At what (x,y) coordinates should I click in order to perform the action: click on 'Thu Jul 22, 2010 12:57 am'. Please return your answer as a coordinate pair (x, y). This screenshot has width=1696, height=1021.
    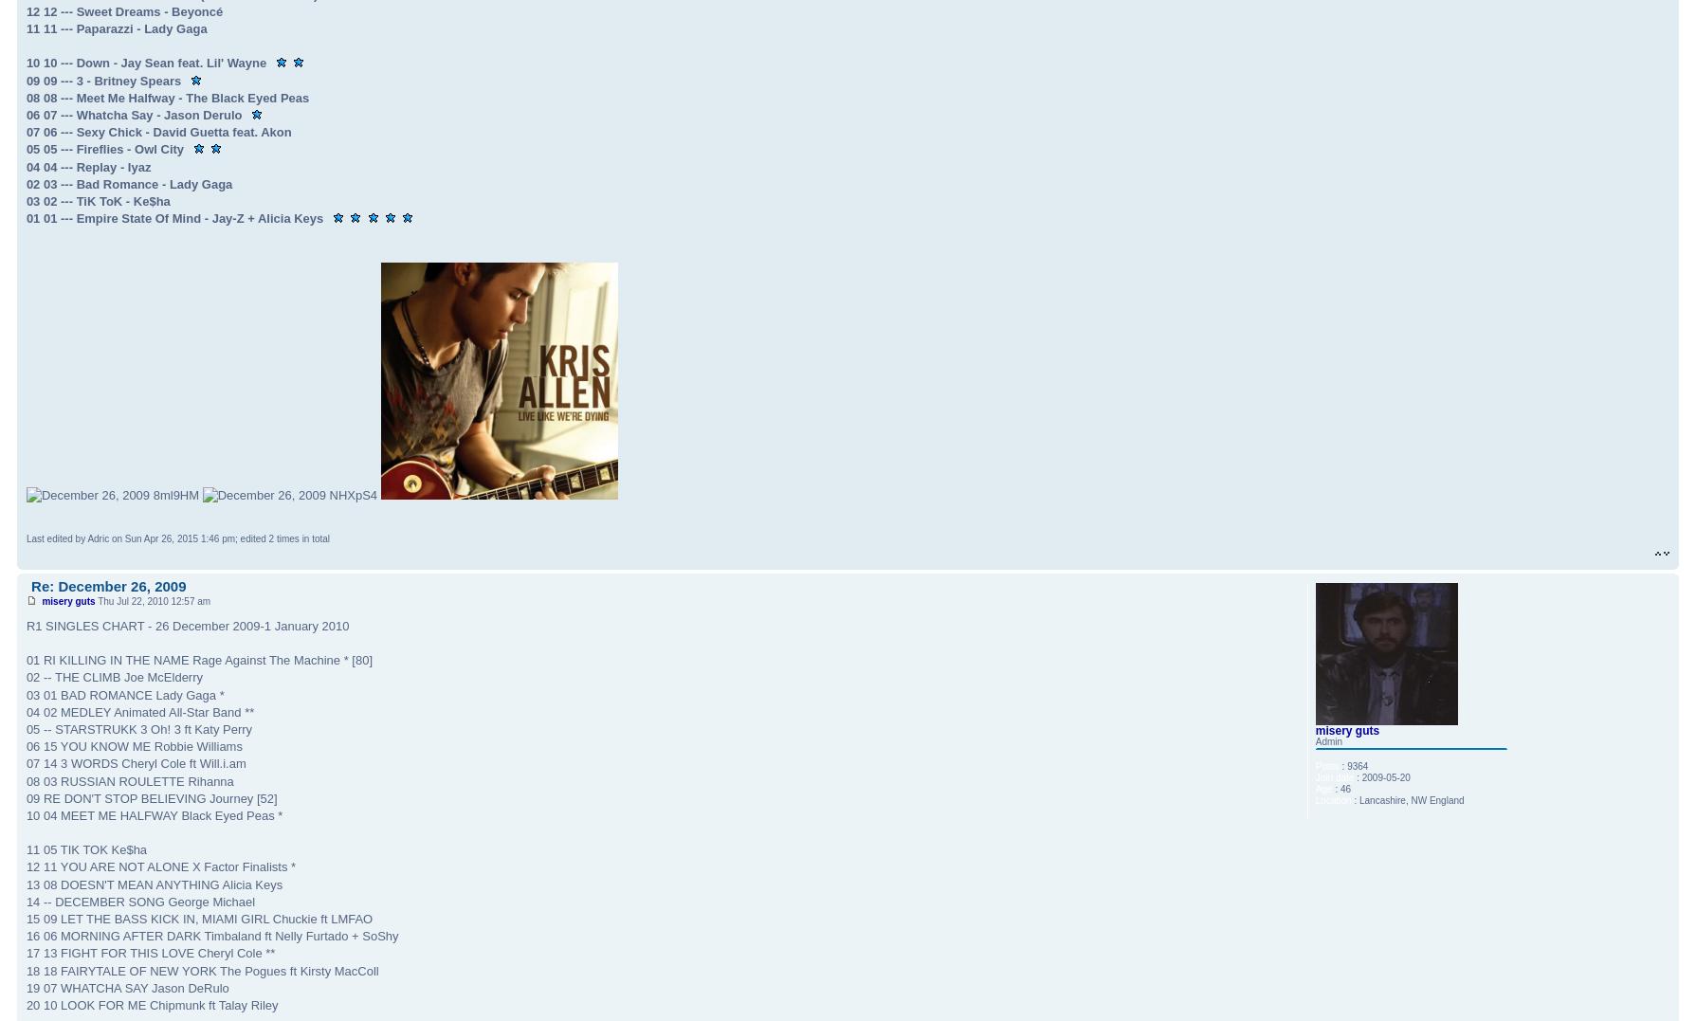
    Looking at the image, I should click on (153, 600).